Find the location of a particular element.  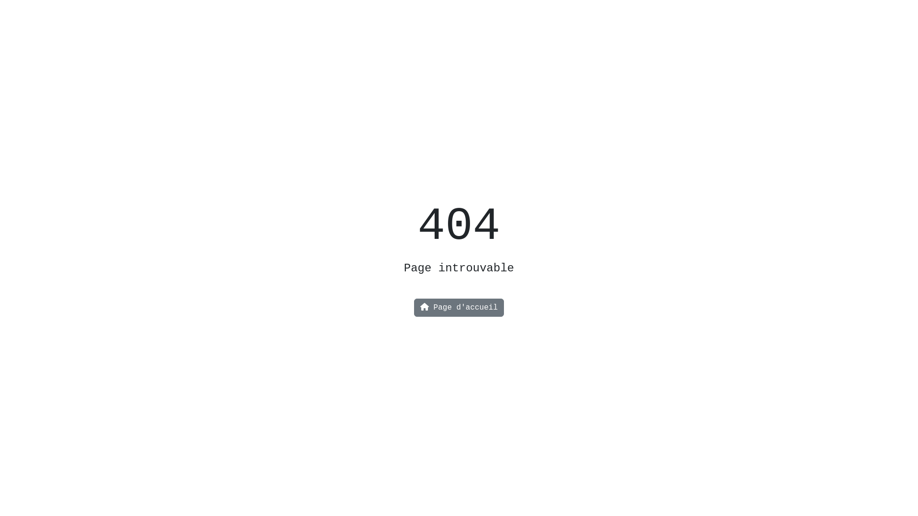

'Page d'accueil' is located at coordinates (459, 308).